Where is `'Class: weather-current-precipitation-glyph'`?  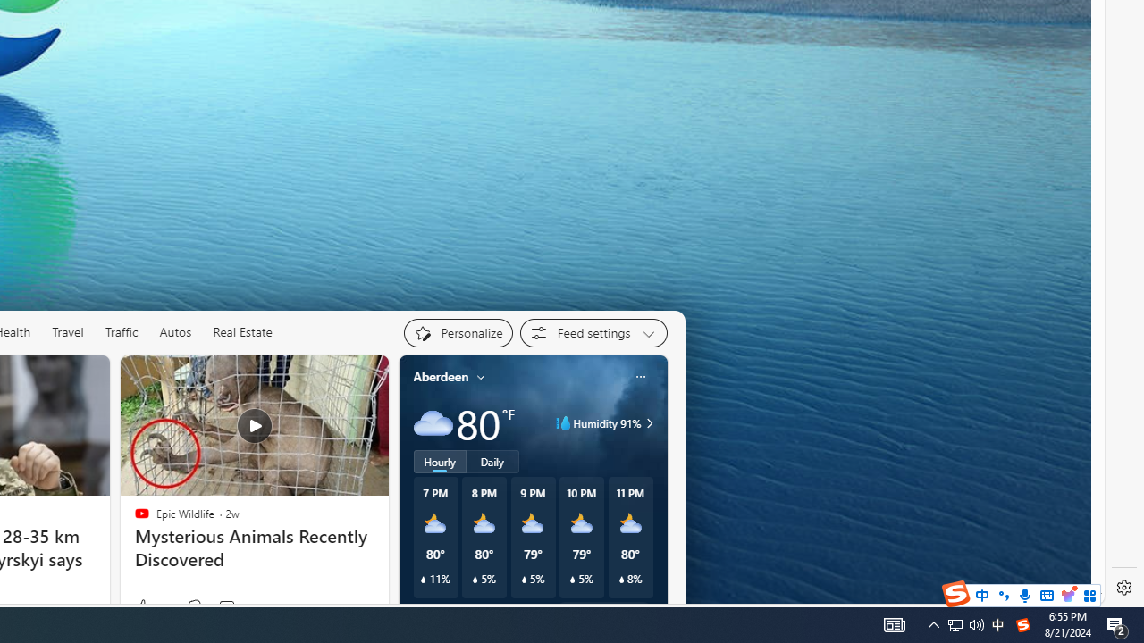 'Class: weather-current-precipitation-glyph' is located at coordinates (621, 580).